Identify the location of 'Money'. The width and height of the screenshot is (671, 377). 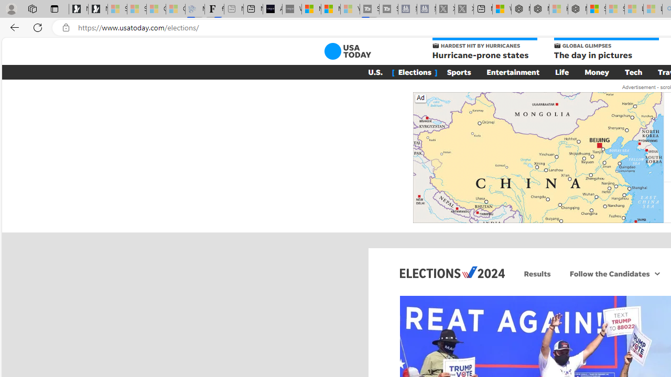
(597, 71).